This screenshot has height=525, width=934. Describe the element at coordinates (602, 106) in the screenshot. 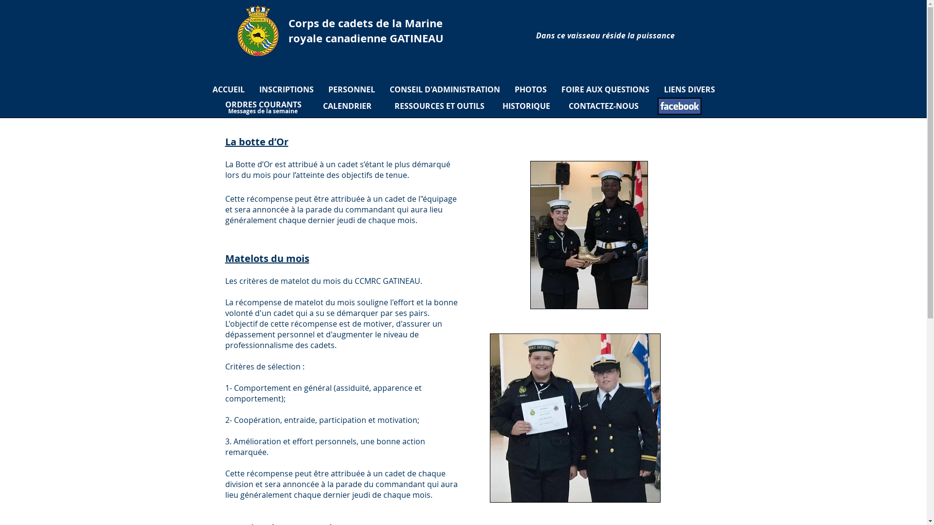

I see `'CONTACTEZ-NOUS'` at that location.